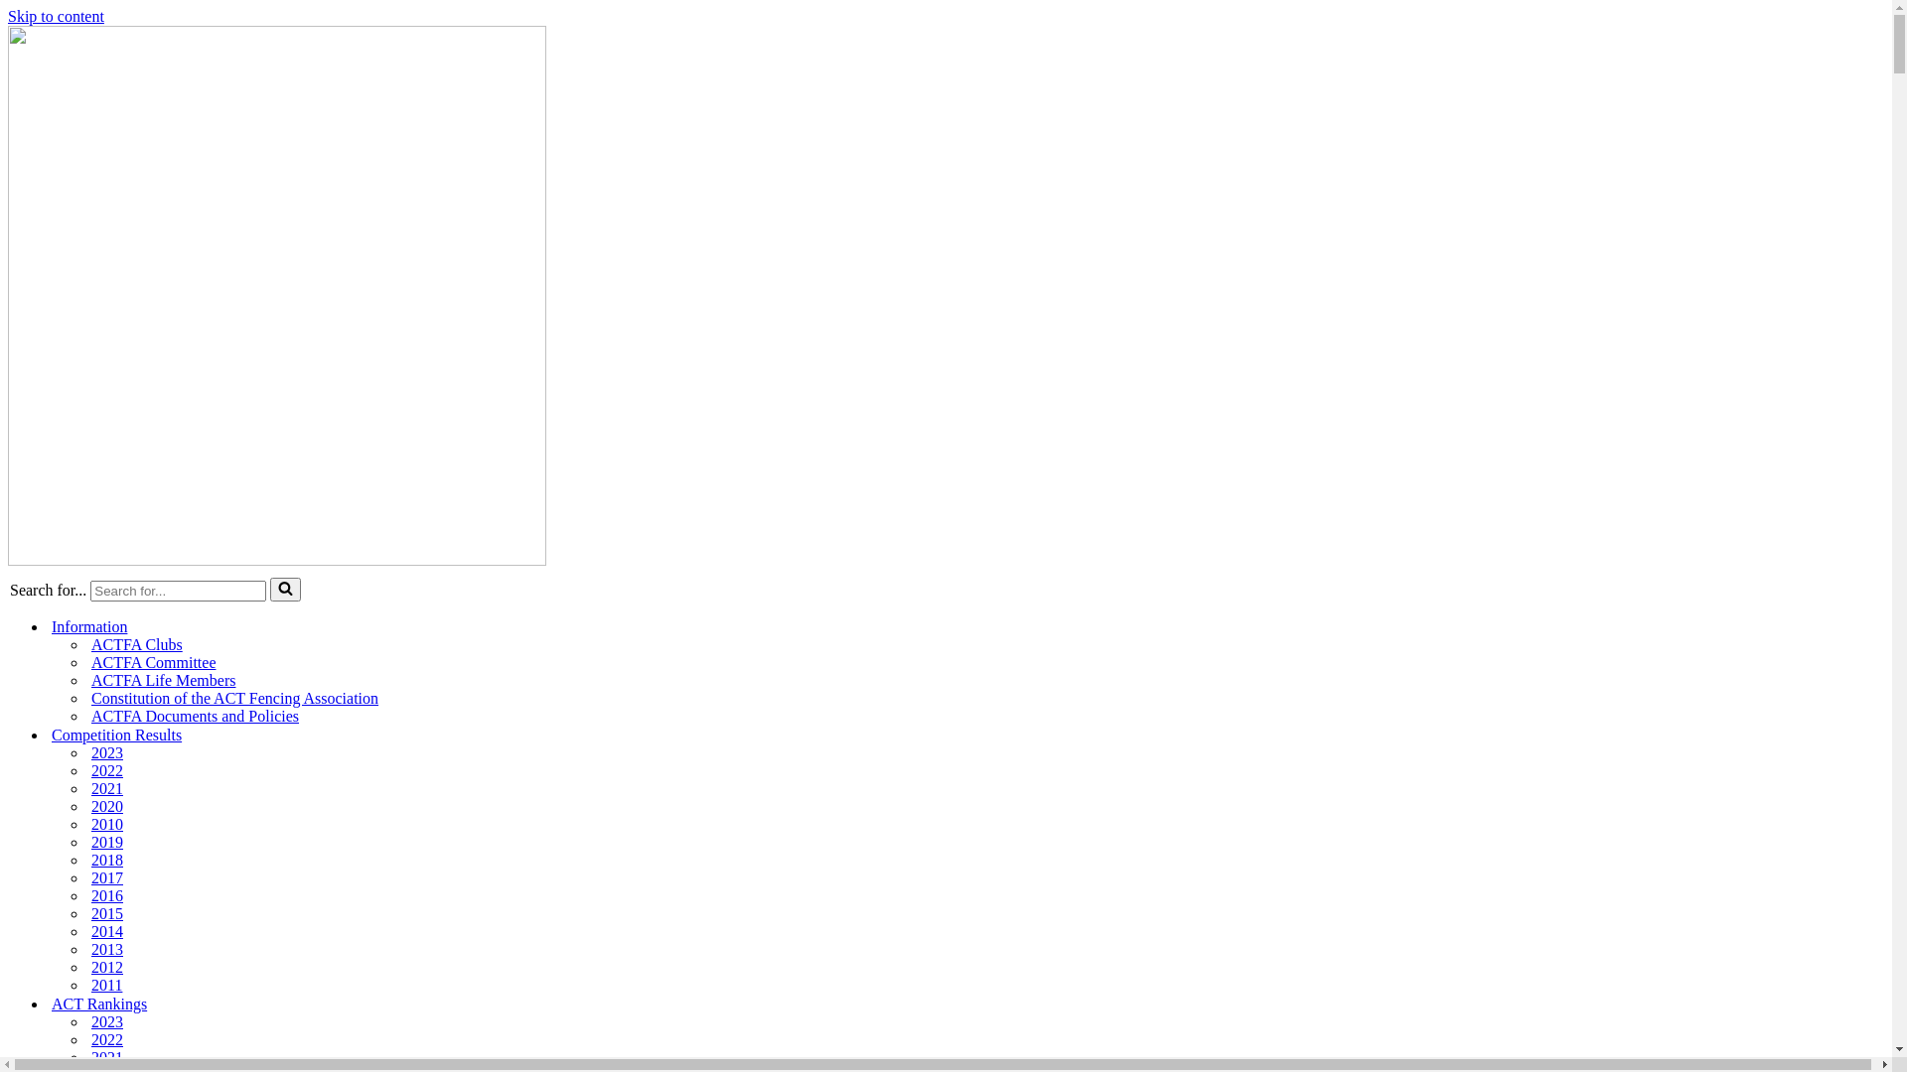  Describe the element at coordinates (98, 1004) in the screenshot. I see `'ACT Rankings'` at that location.